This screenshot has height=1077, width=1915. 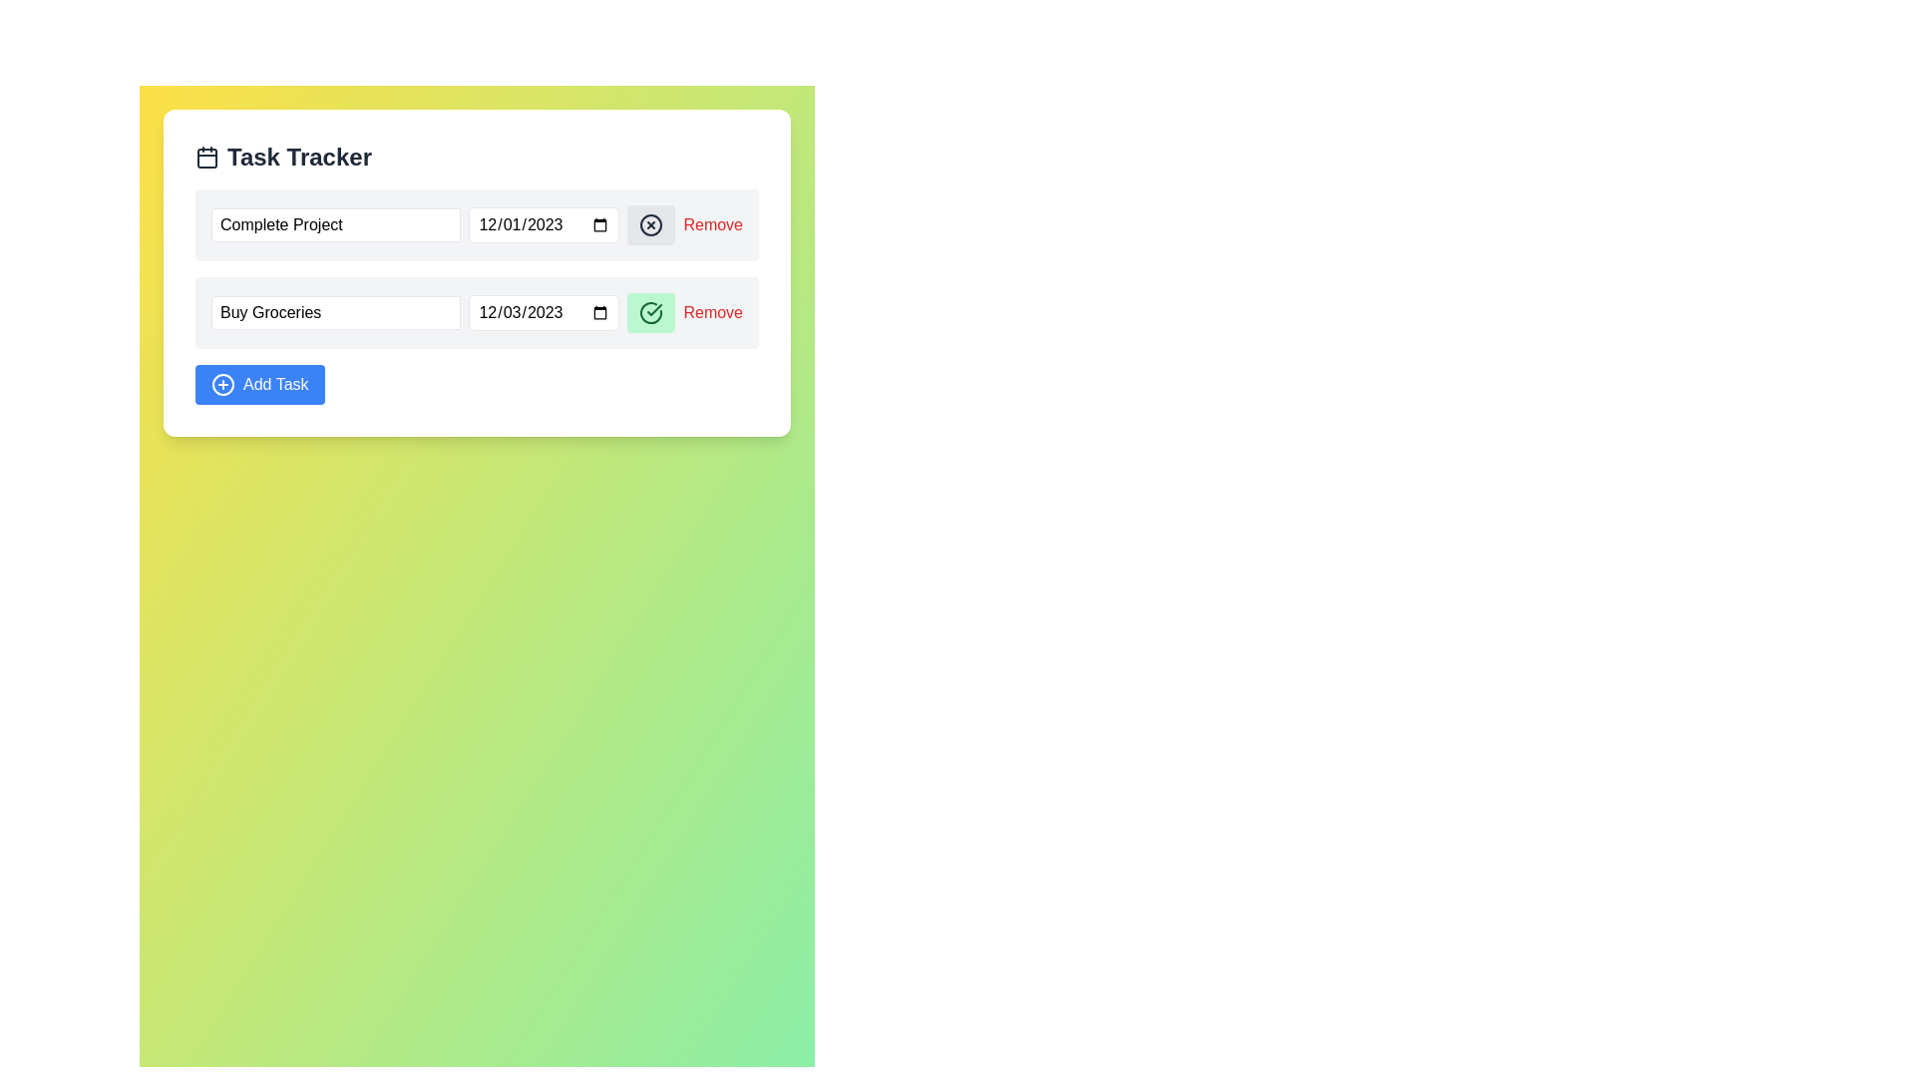 What do you see at coordinates (650, 312) in the screenshot?
I see `the small, rounded green button with a checkmark icon located to the right of the 'Buy Groceries' input field to check the associated task` at bounding box center [650, 312].